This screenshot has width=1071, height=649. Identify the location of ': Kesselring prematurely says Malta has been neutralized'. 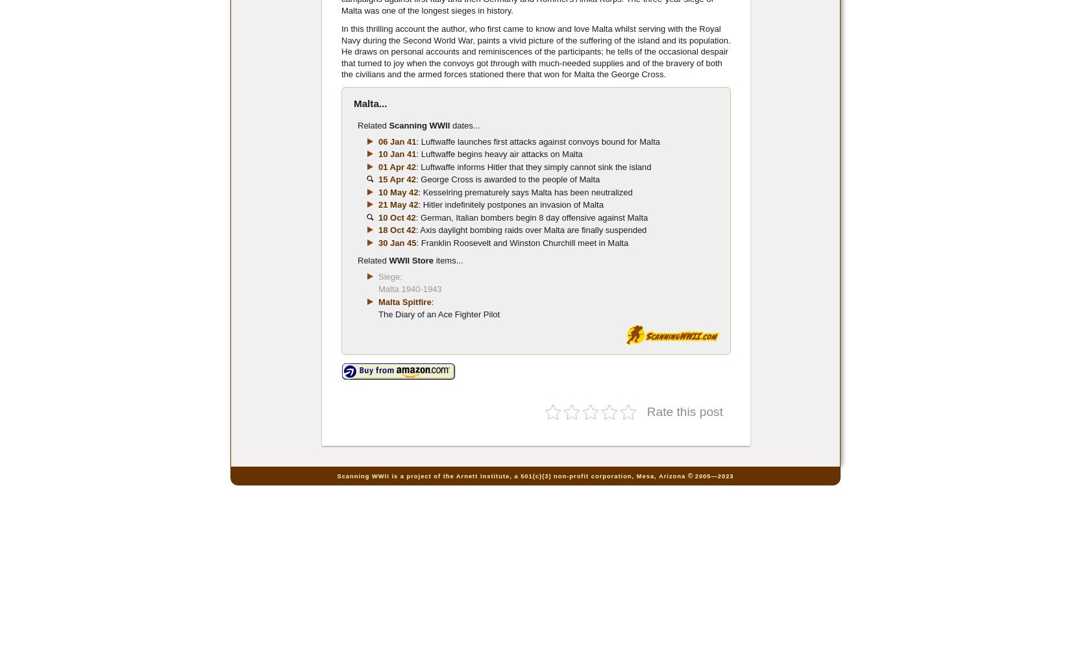
(524, 191).